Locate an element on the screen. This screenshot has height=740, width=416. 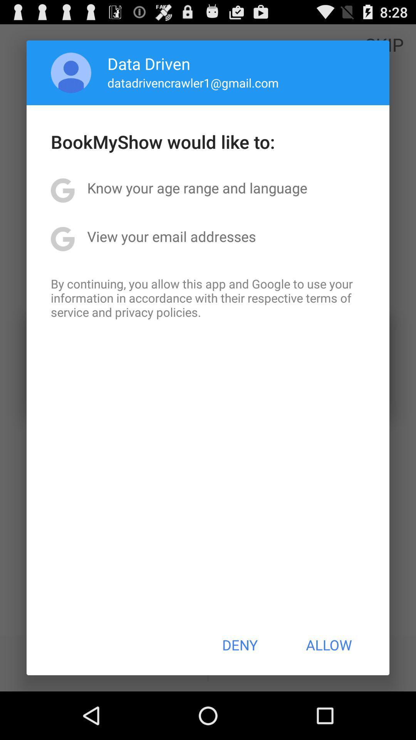
the item above view your email app is located at coordinates (197, 188).